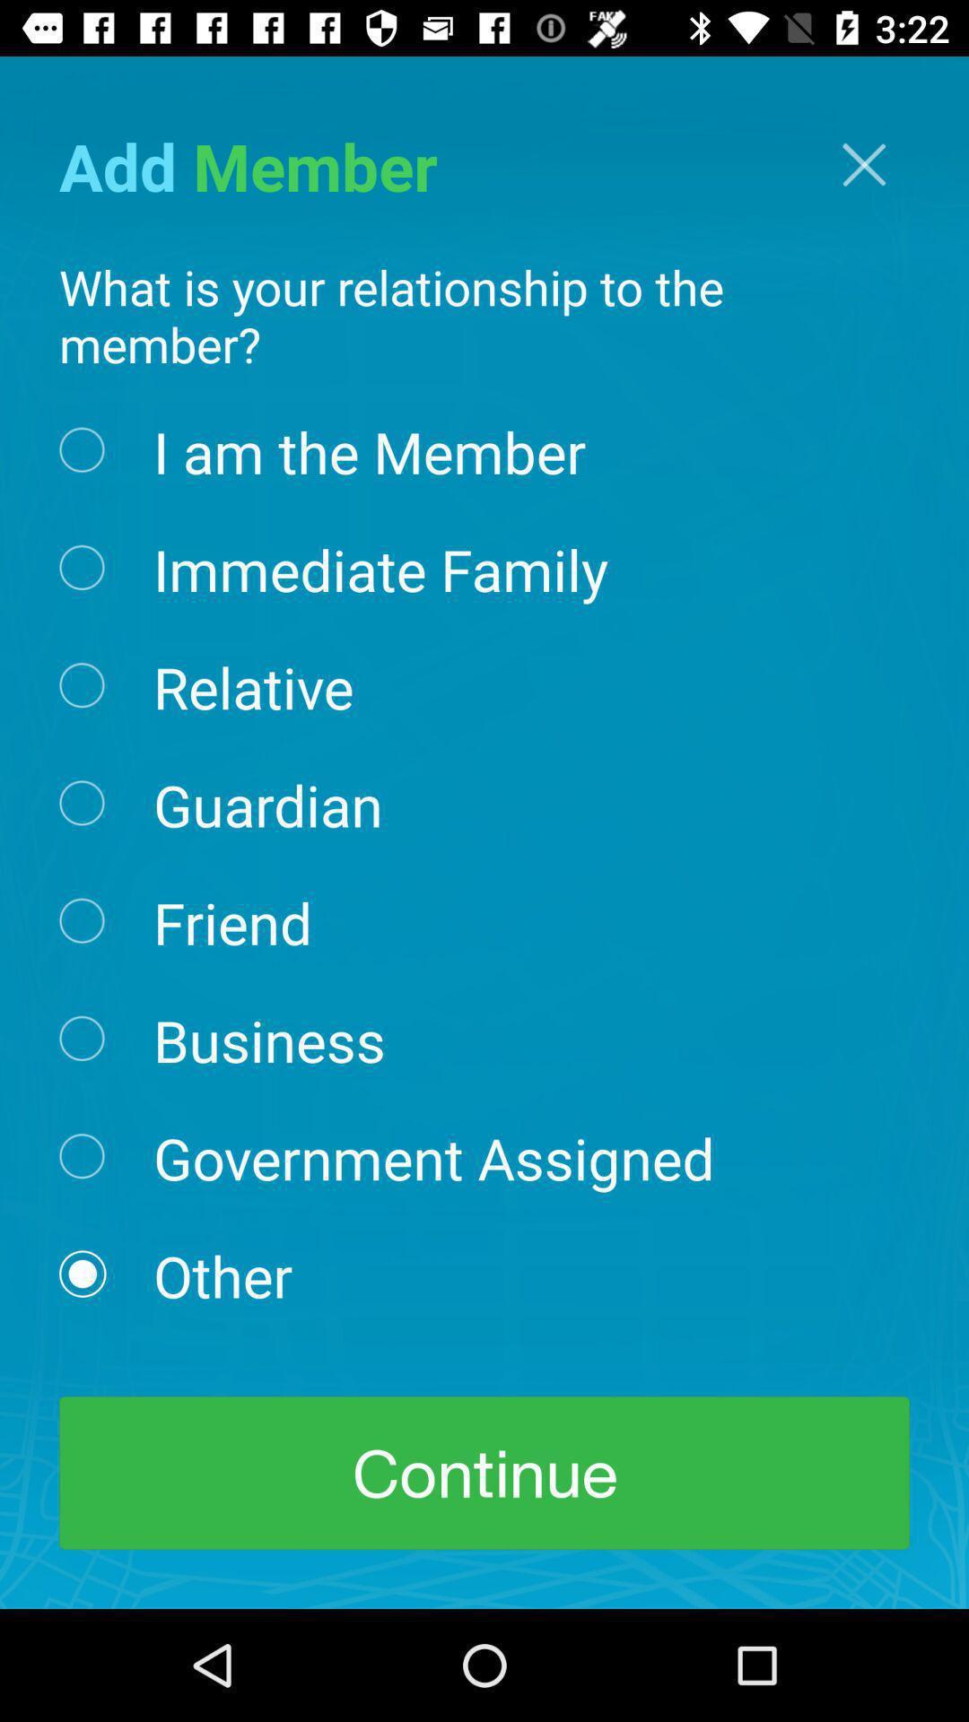  Describe the element at coordinates (863, 164) in the screenshot. I see `window` at that location.